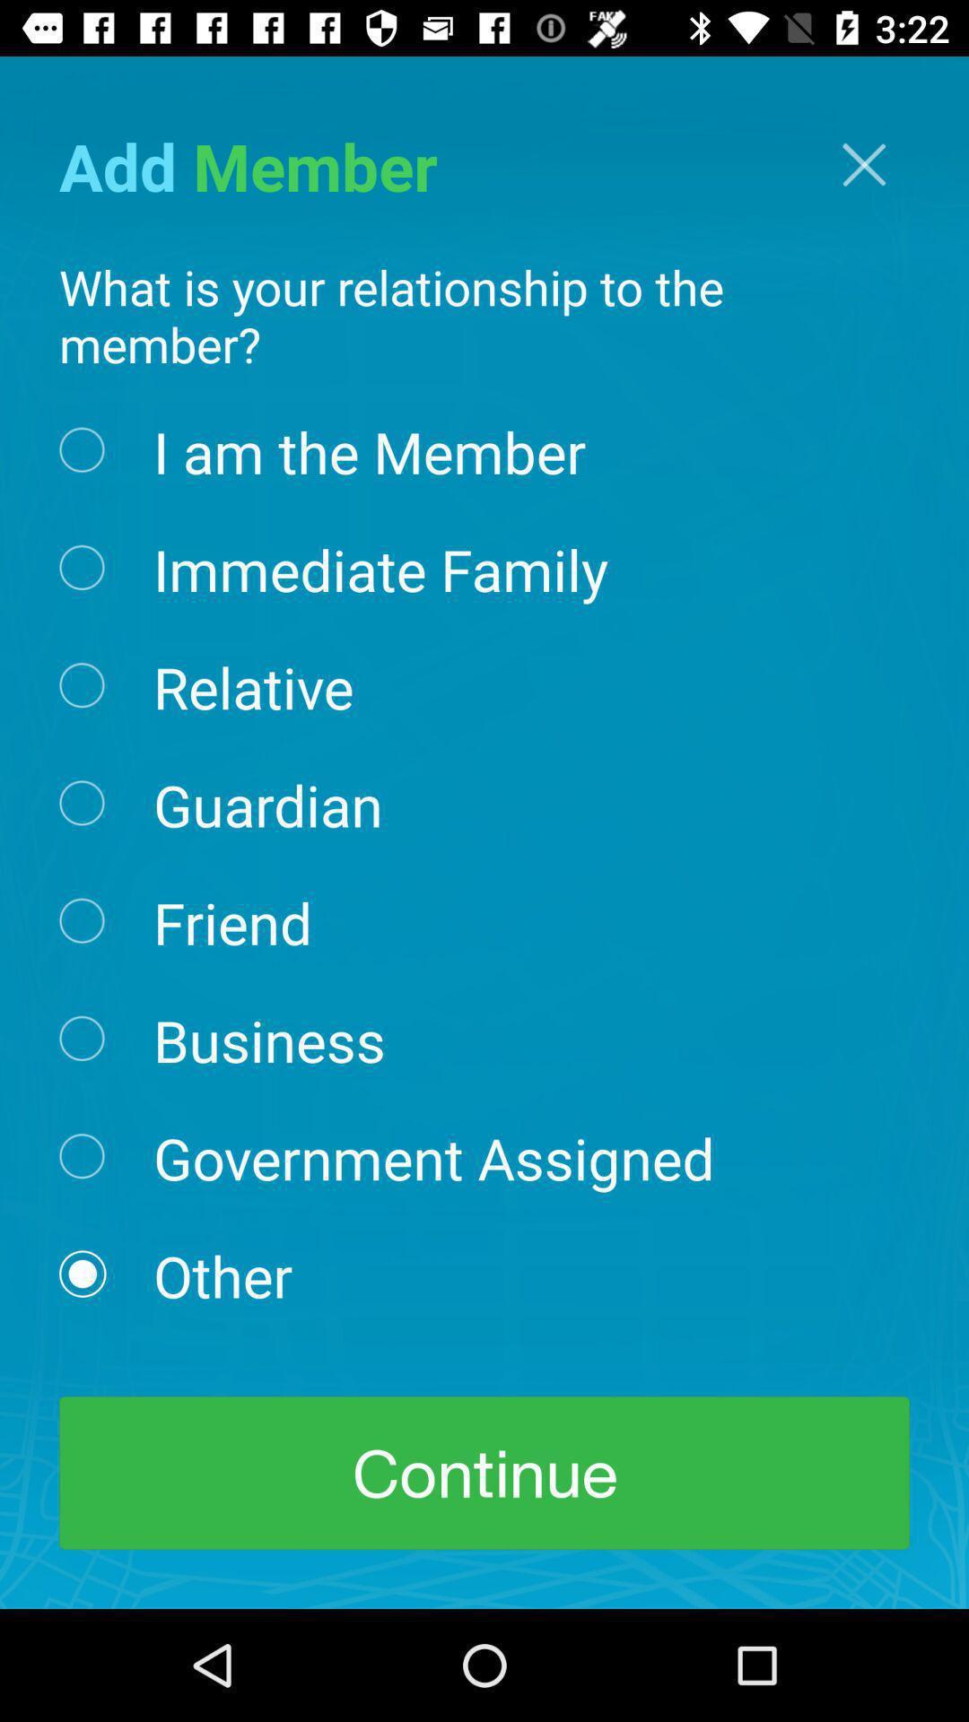  Describe the element at coordinates (863, 164) in the screenshot. I see `window` at that location.